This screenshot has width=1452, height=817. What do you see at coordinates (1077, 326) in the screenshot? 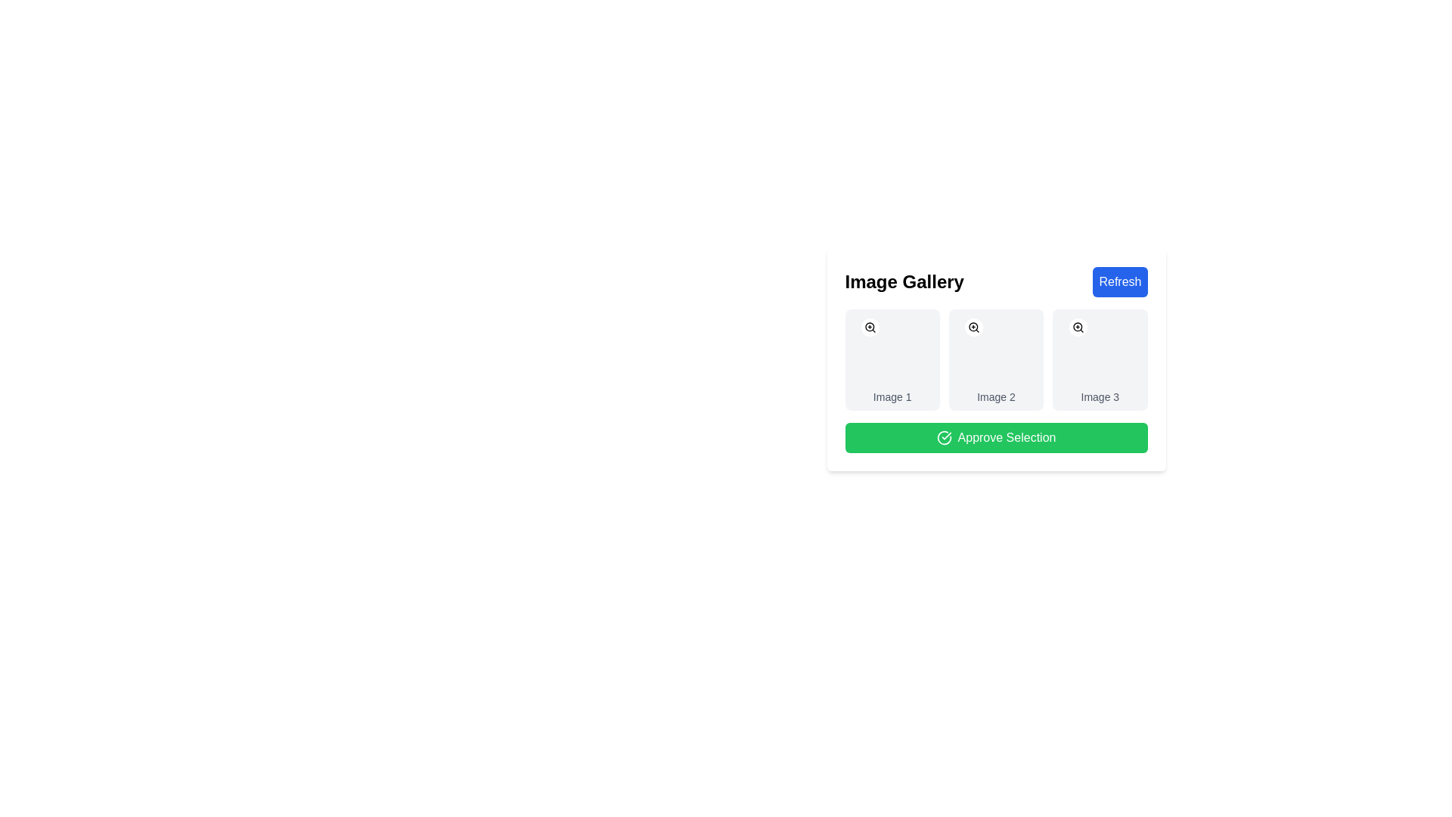
I see `the small circular zoom-in button with a magnifying glass icon located at the top-left corner of the third image thumbnail in the image gallery` at bounding box center [1077, 326].